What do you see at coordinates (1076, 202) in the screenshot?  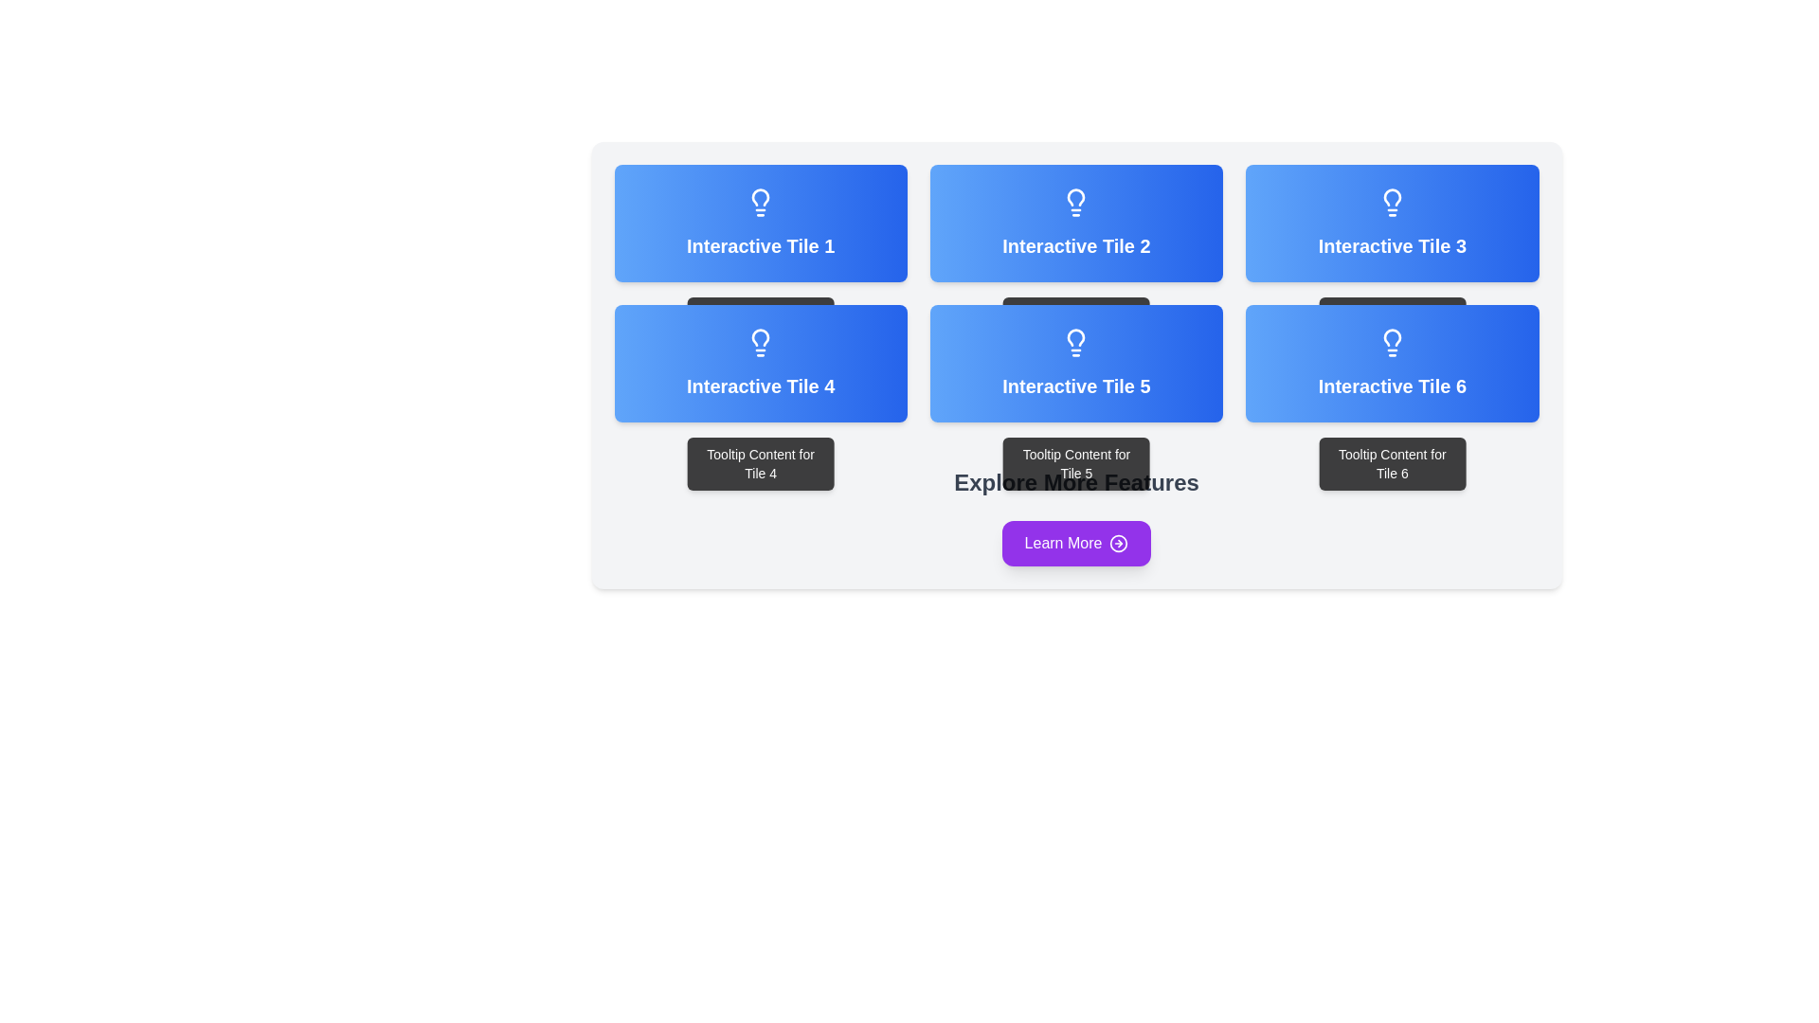 I see `the lightbulb icon located at the center-top of the blue interactive tile labeled 'Interactive Tile 2'` at bounding box center [1076, 202].